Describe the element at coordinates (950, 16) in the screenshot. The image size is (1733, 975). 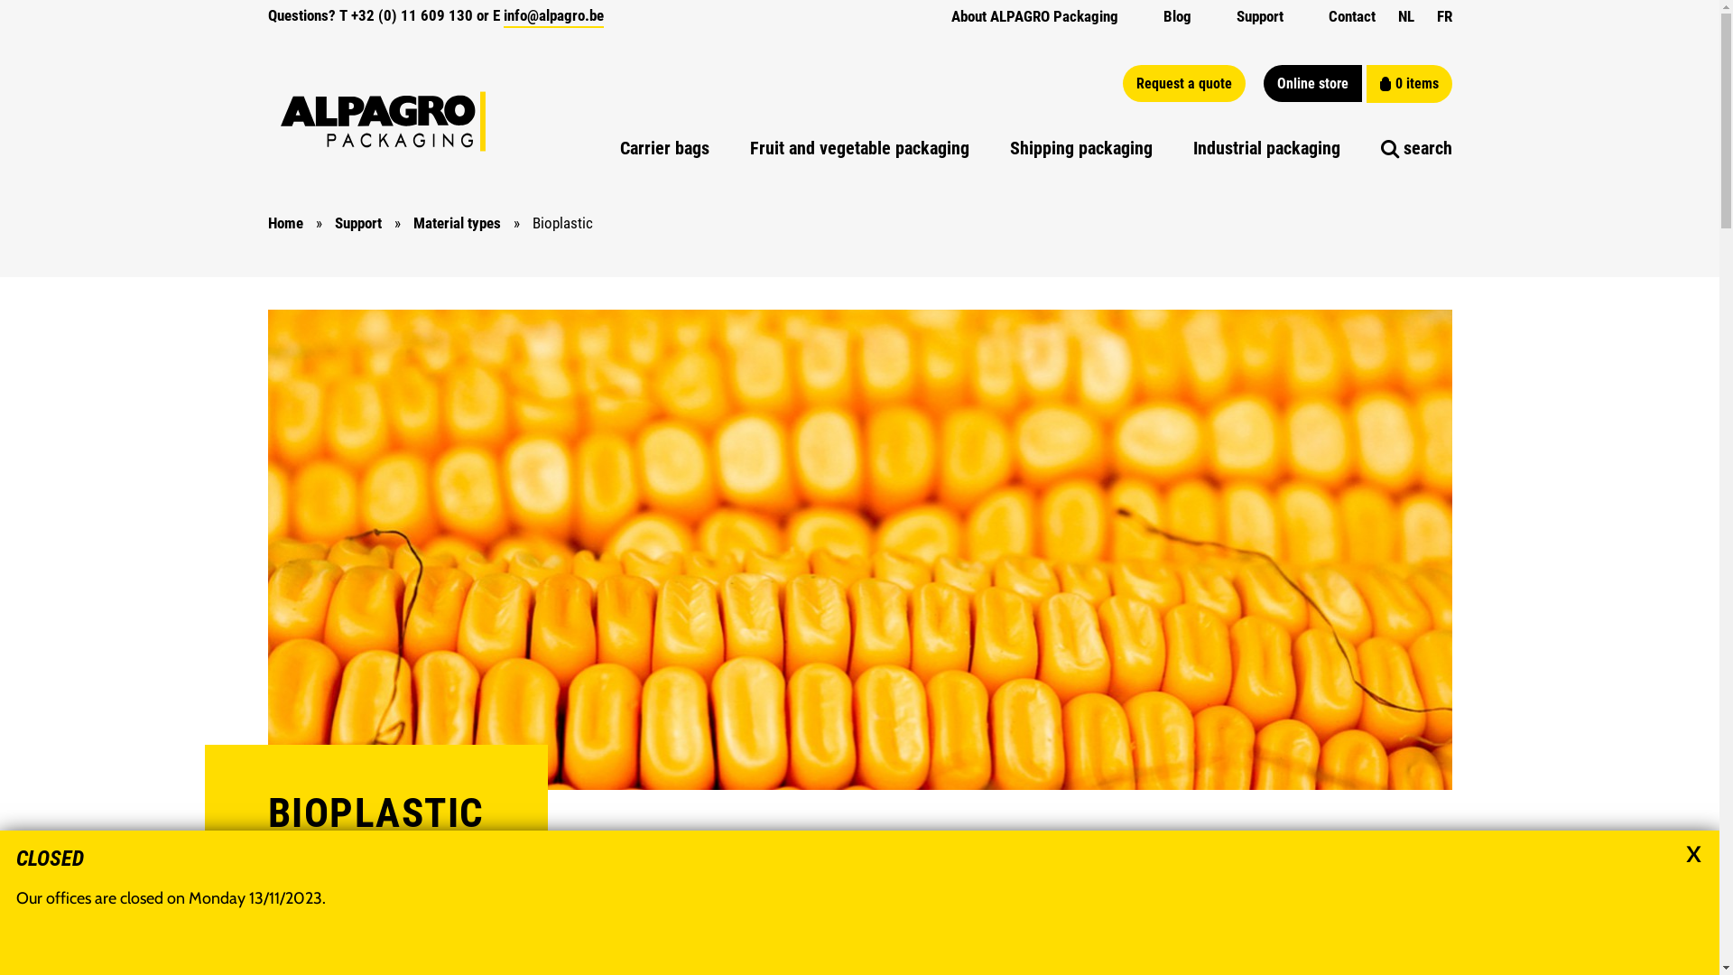
I see `'About ALPAGRO Packaging'` at that location.